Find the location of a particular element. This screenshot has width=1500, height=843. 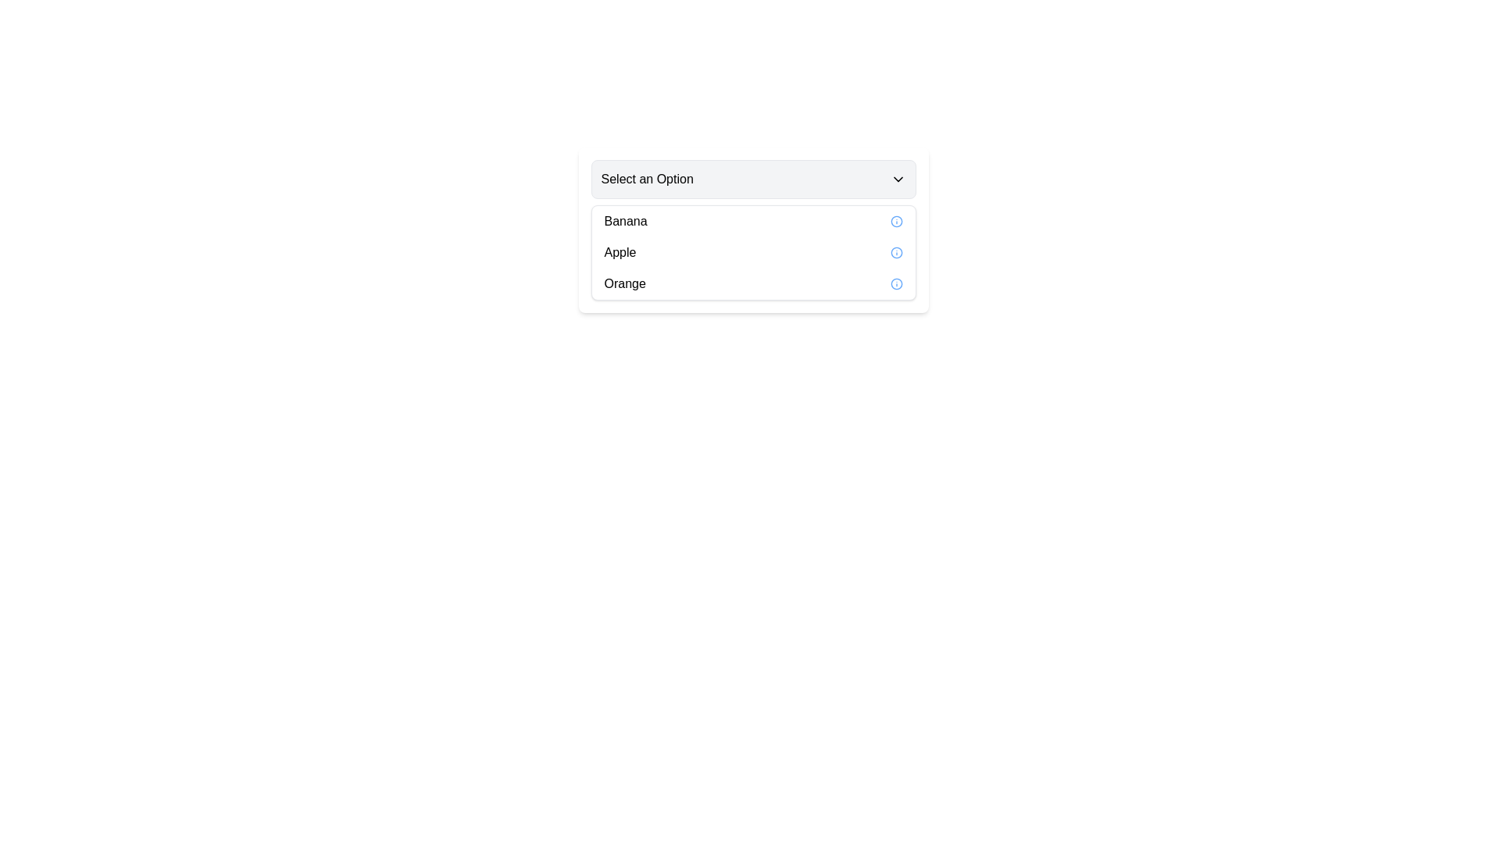

the first item in the dropdown menu that allows the user to select 'Banana', located below 'Select an Option' and above 'Apple' is located at coordinates (753, 222).